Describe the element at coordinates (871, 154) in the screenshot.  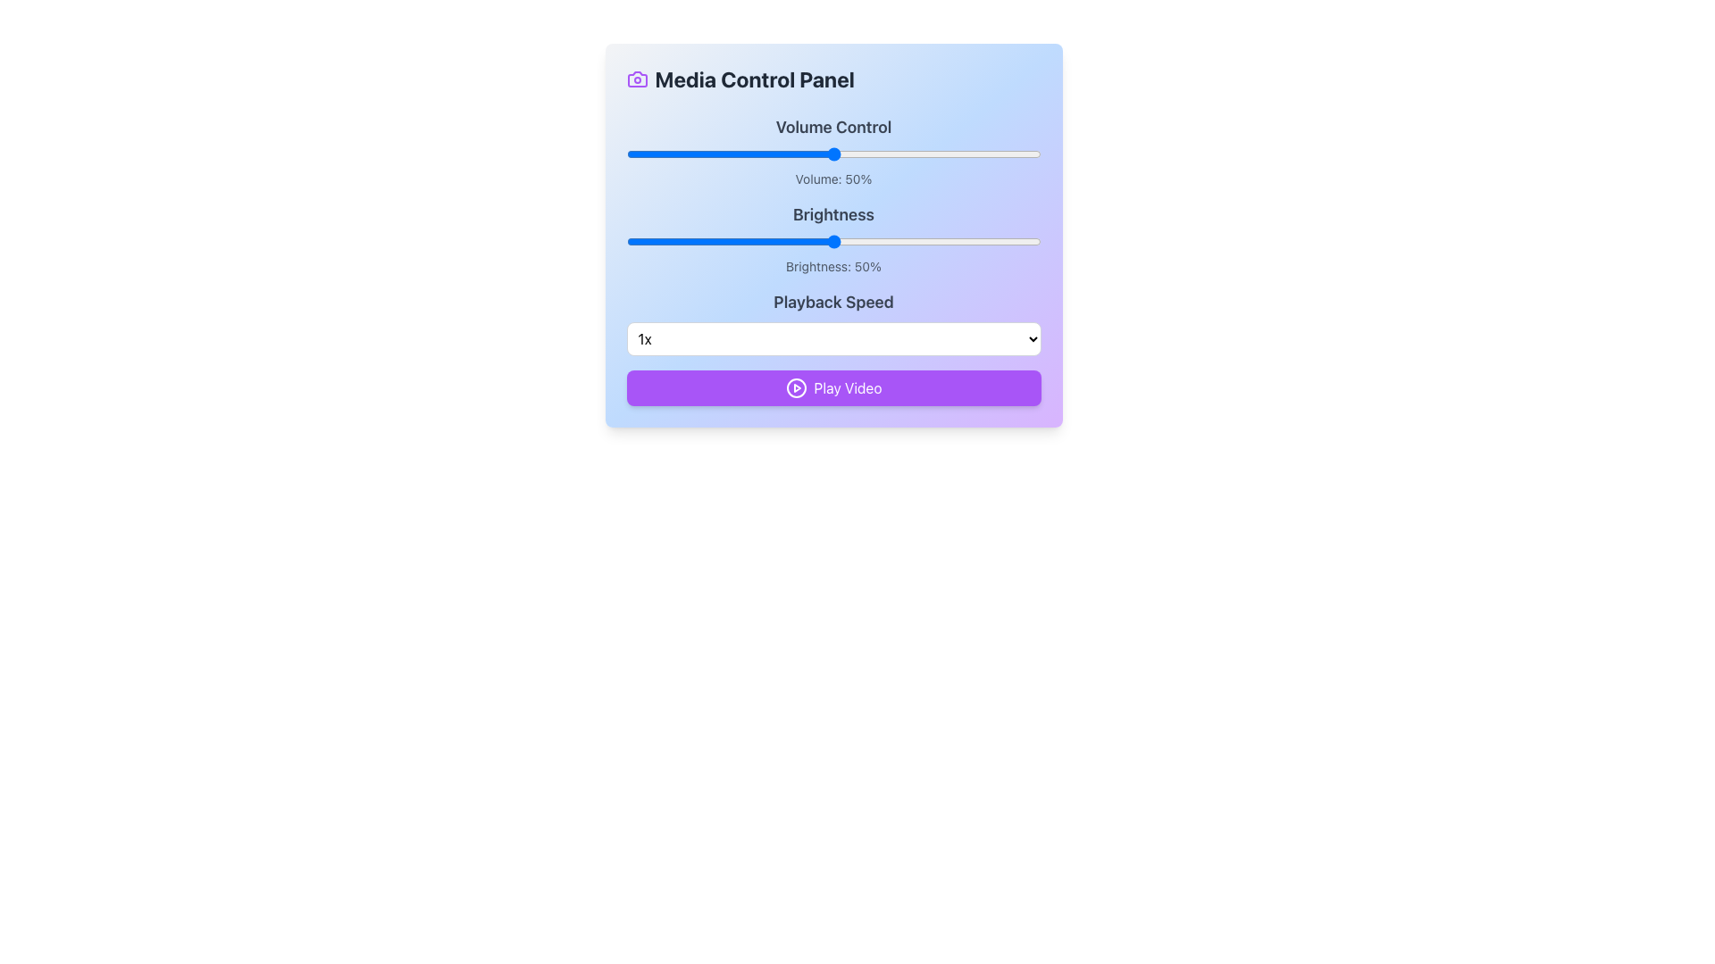
I see `the volume` at that location.